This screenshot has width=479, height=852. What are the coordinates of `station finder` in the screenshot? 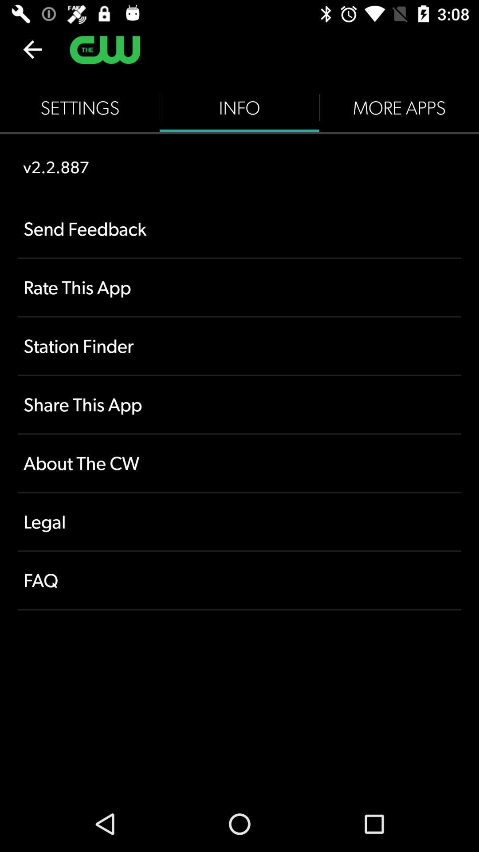 It's located at (239, 345).